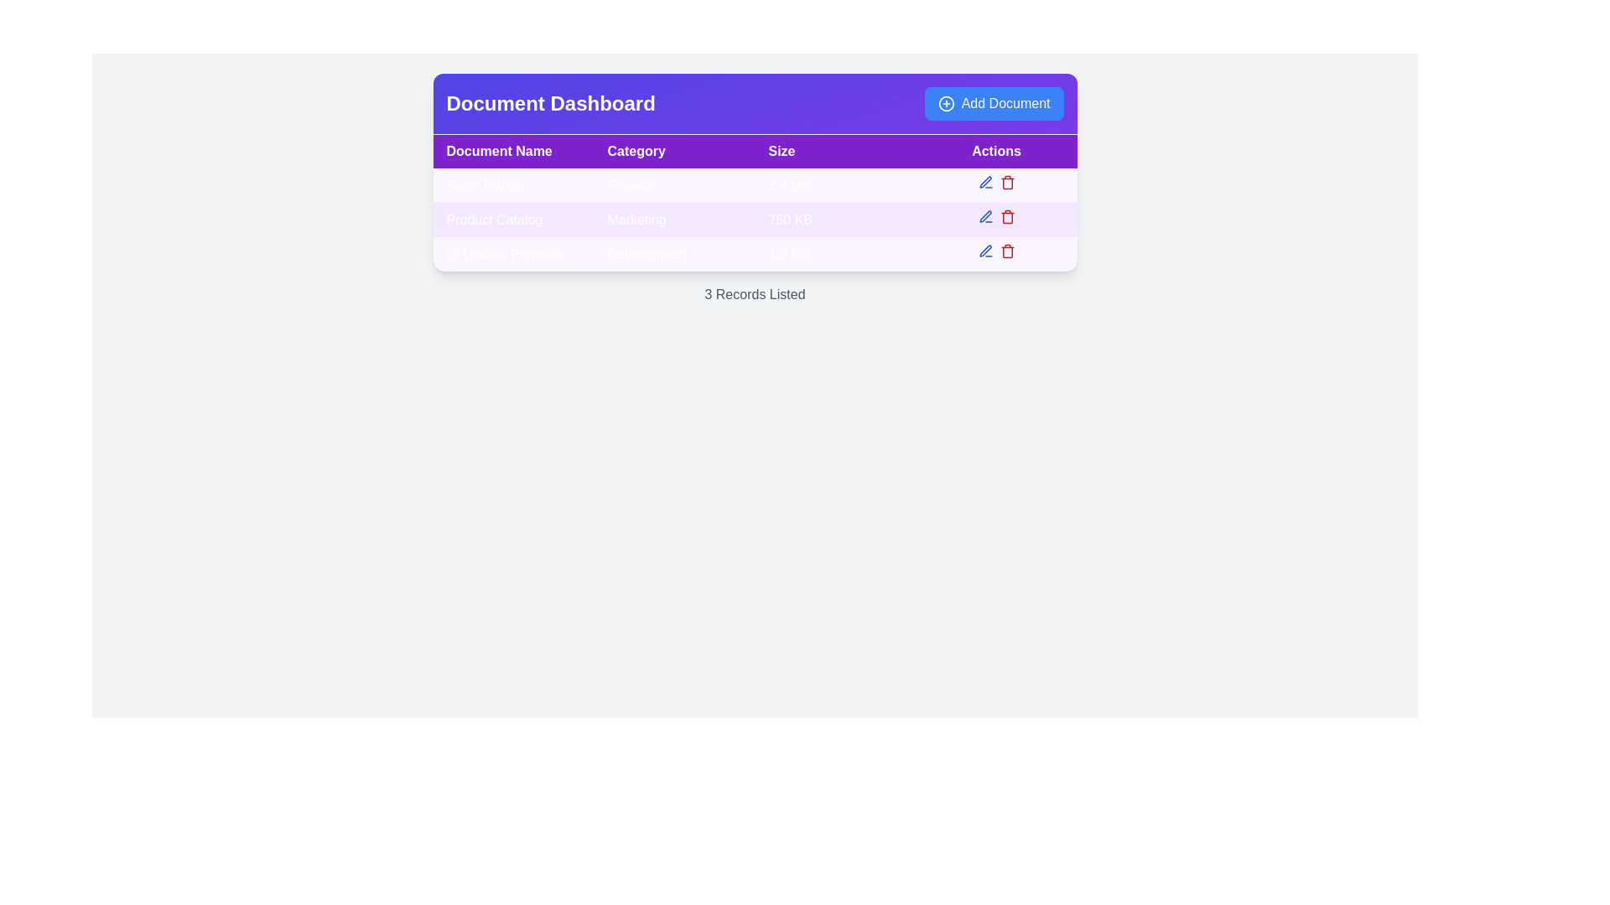 Image resolution: width=1610 pixels, height=905 pixels. I want to click on the header label for the 'Actions' column located at the far-right end of the table header row, which is the fourth label among its siblings, so click(996, 152).